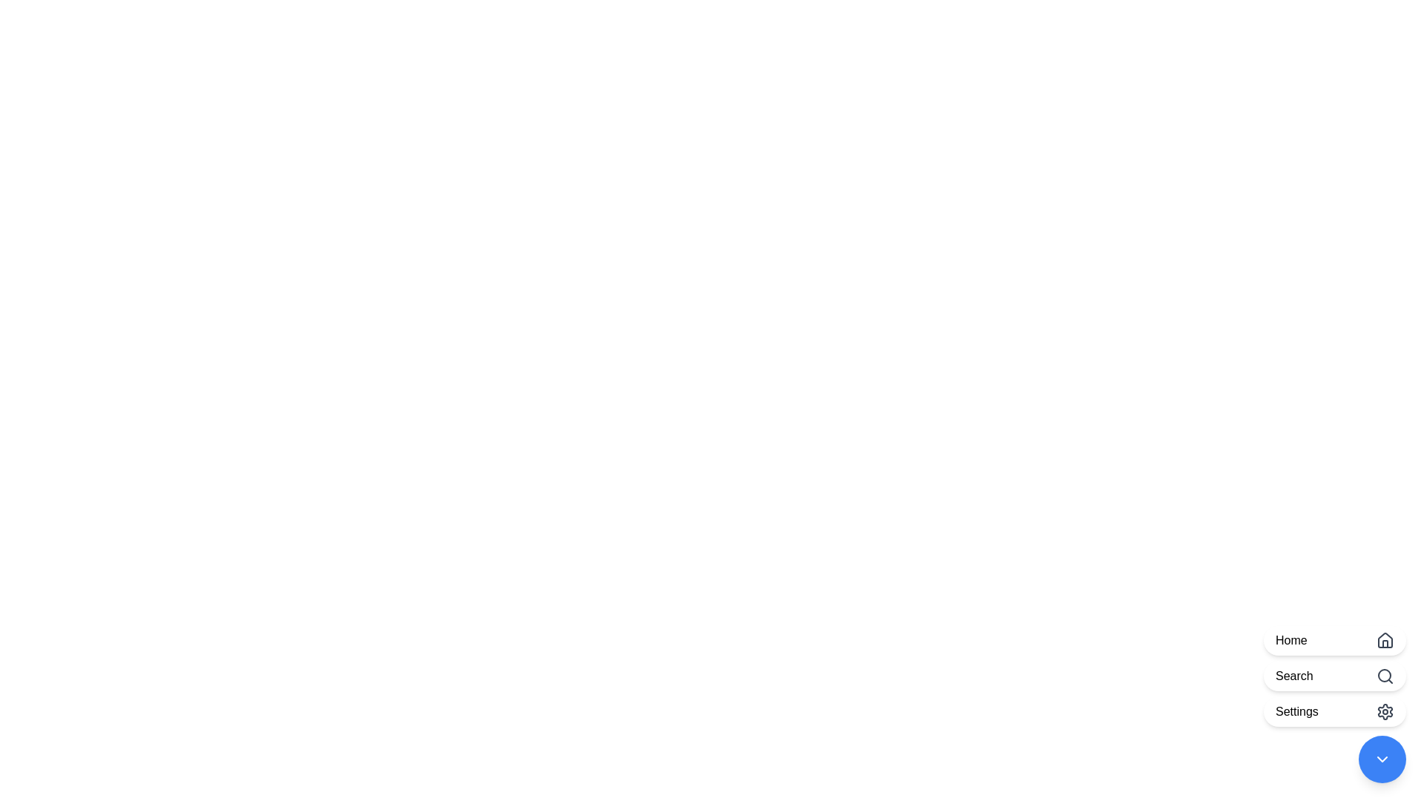  What do you see at coordinates (1381, 759) in the screenshot?
I see `the downward-pointing chevron icon, which is` at bounding box center [1381, 759].